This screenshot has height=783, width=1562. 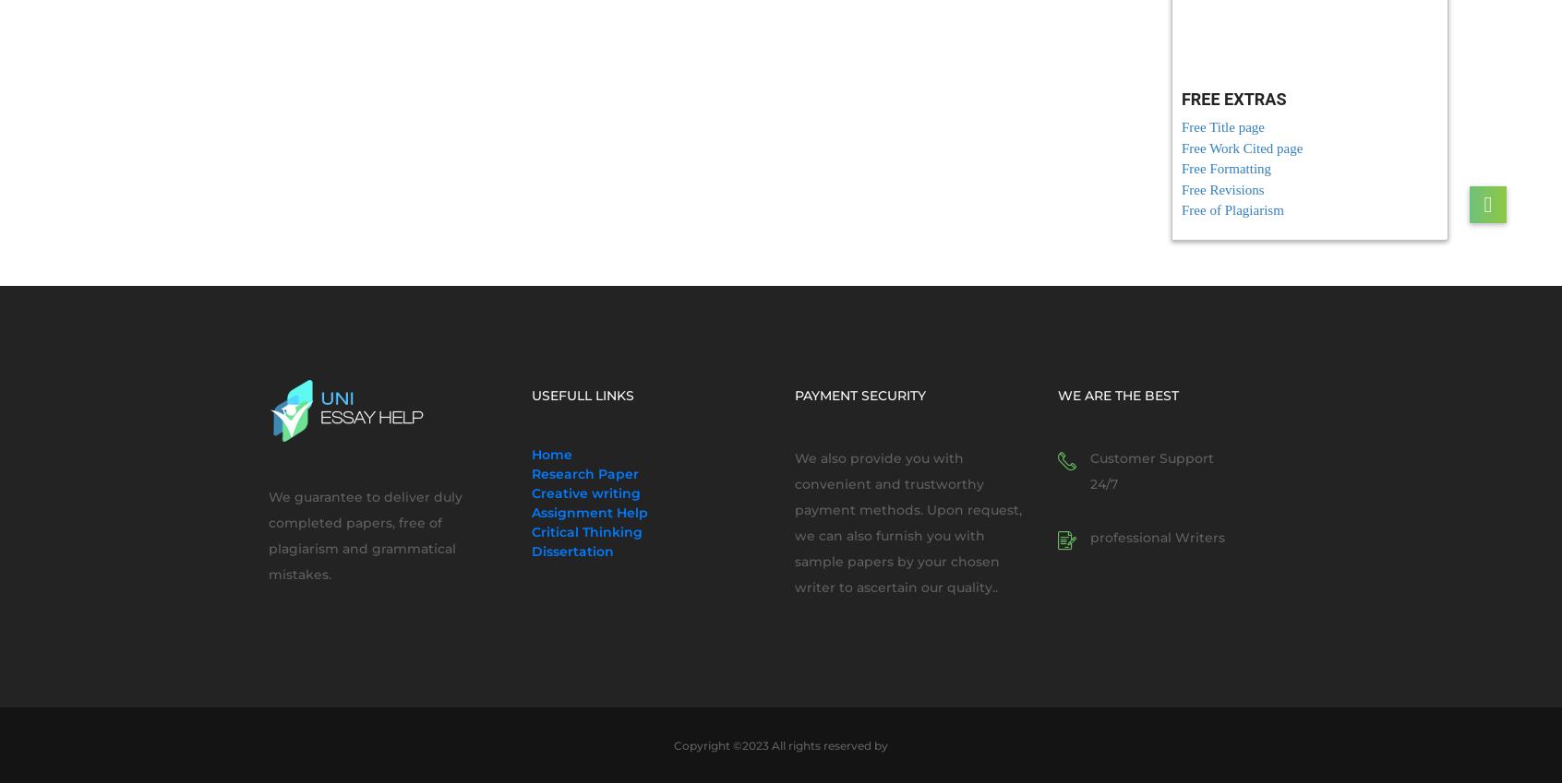 I want to click on 'We guarantee to deliver duly completed papers, free of plagiarism and grammatical mistakes.', so click(x=365, y=534).